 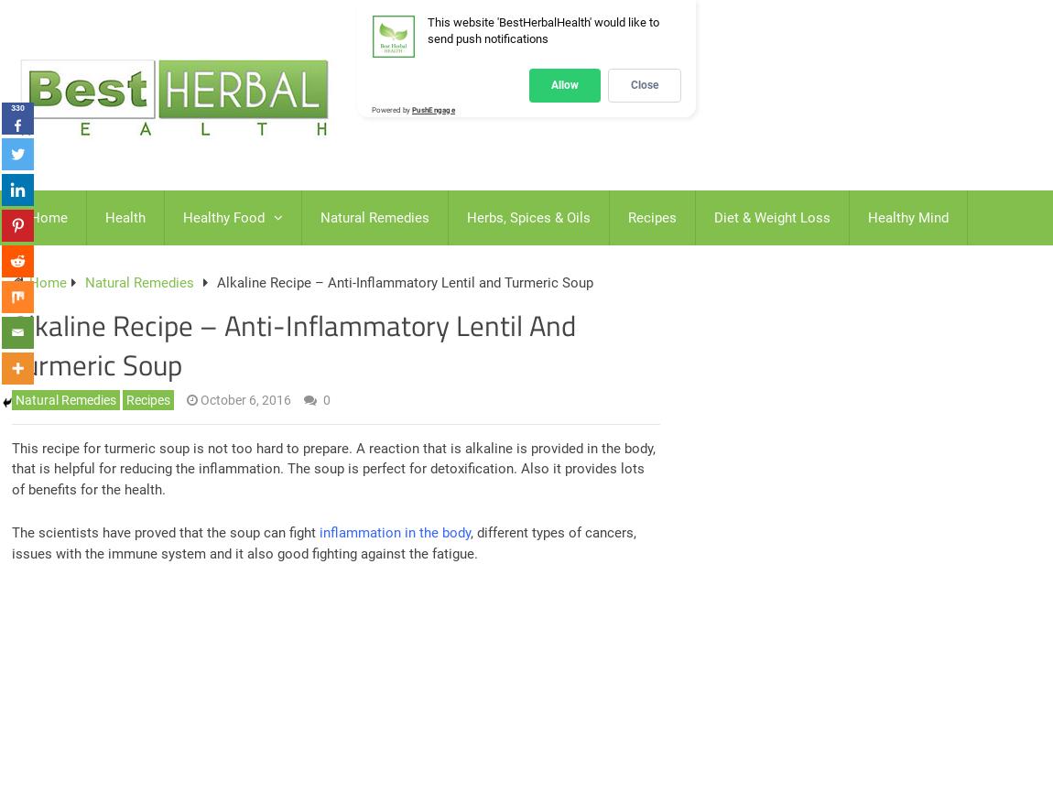 I want to click on 'Allow', so click(x=563, y=84).